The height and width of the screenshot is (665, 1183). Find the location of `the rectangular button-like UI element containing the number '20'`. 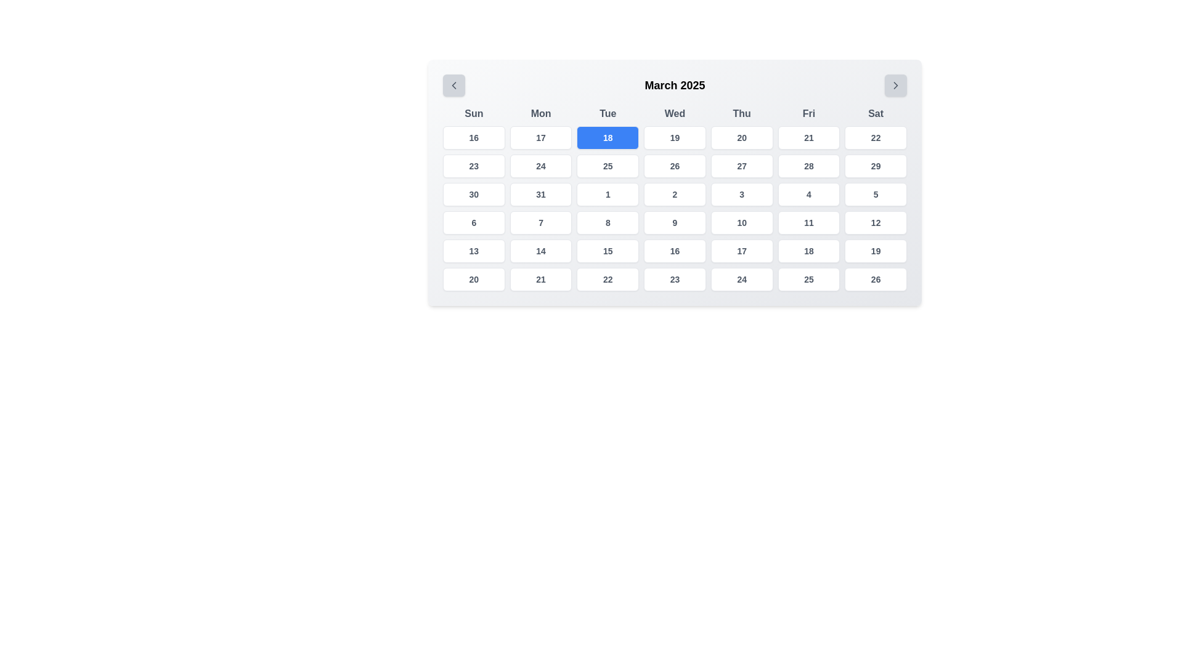

the rectangular button-like UI element containing the number '20' is located at coordinates (741, 137).